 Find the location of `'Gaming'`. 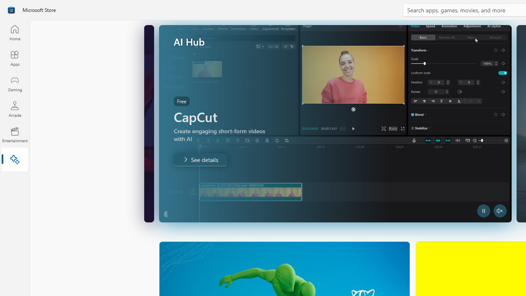

'Gaming' is located at coordinates (14, 83).